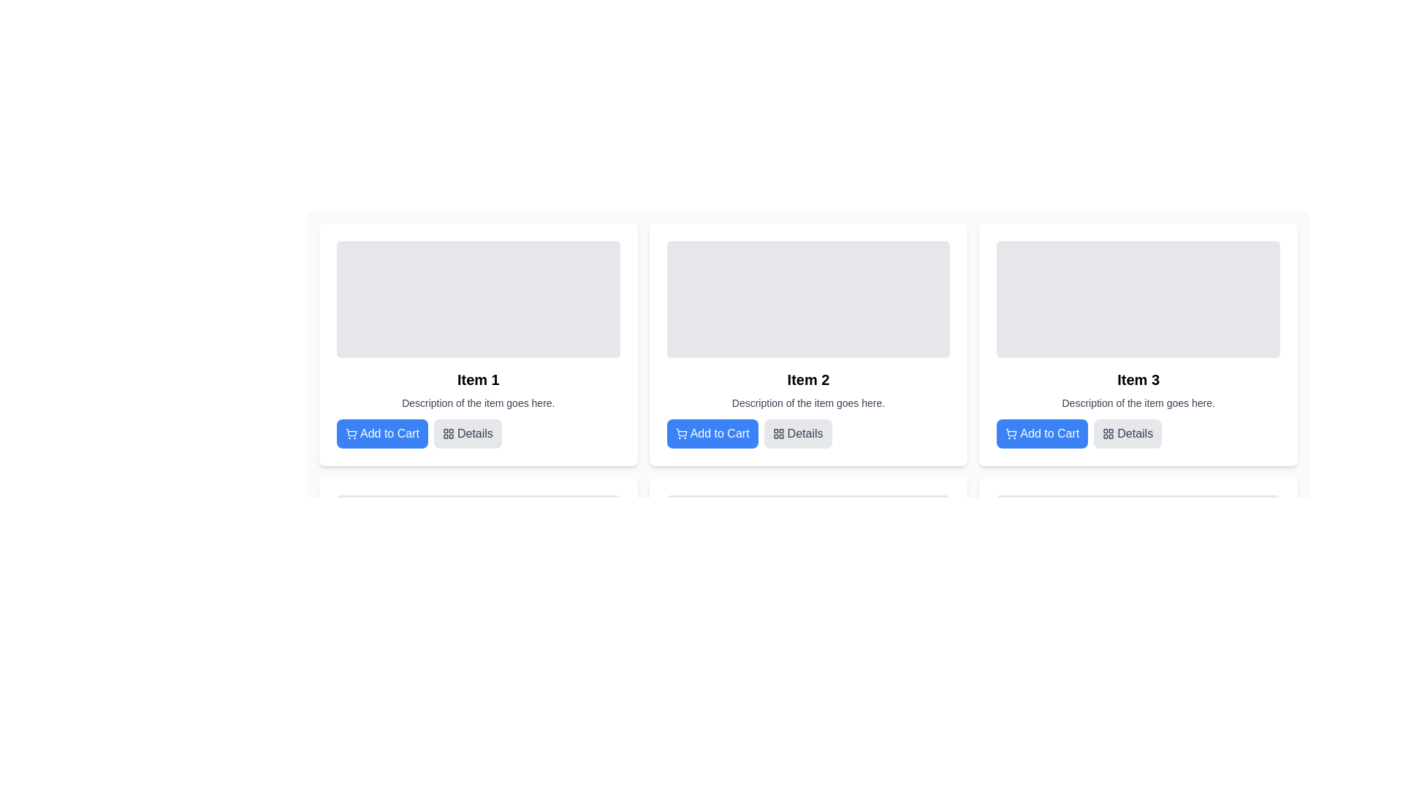  What do you see at coordinates (478, 344) in the screenshot?
I see `the first card in the grid layout that has a white background, rounded corners, and contains the title 'Item 1'` at bounding box center [478, 344].